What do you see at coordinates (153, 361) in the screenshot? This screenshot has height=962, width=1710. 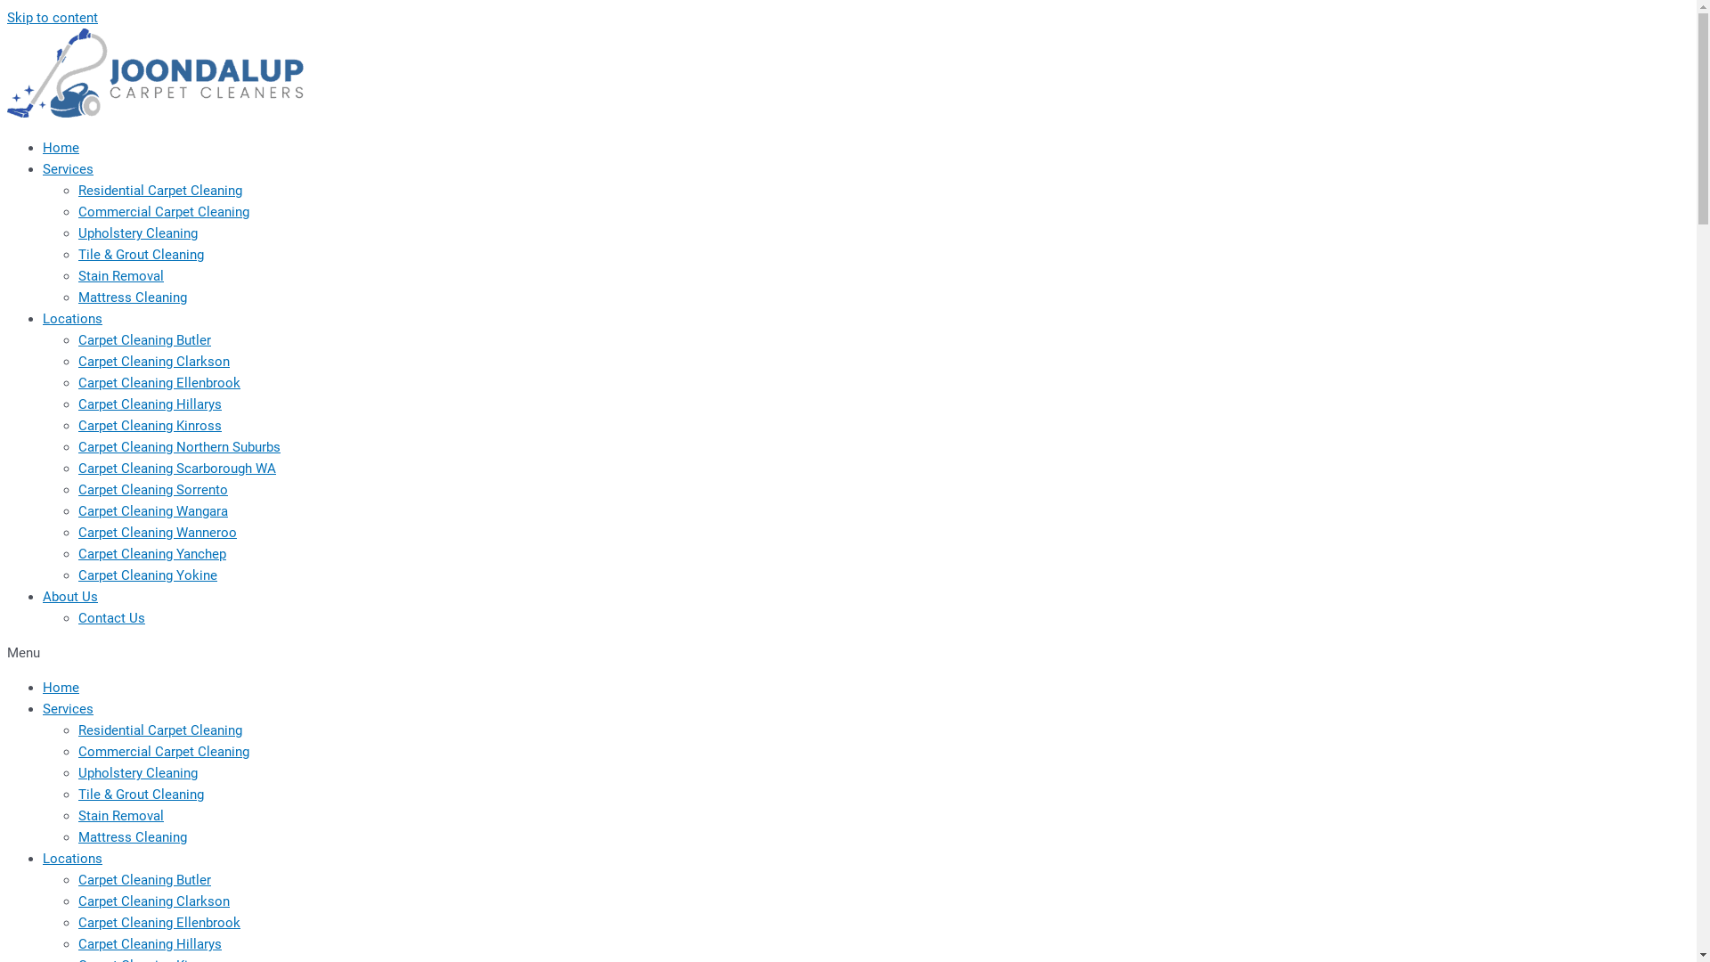 I see `'Carpet Cleaning Clarkson'` at bounding box center [153, 361].